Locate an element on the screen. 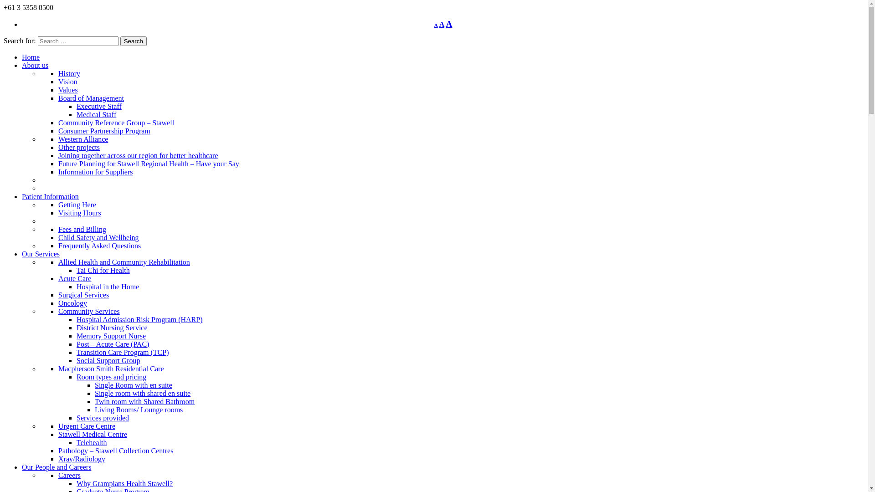 This screenshot has width=875, height=492. 'Fees and Billing' is located at coordinates (82, 229).